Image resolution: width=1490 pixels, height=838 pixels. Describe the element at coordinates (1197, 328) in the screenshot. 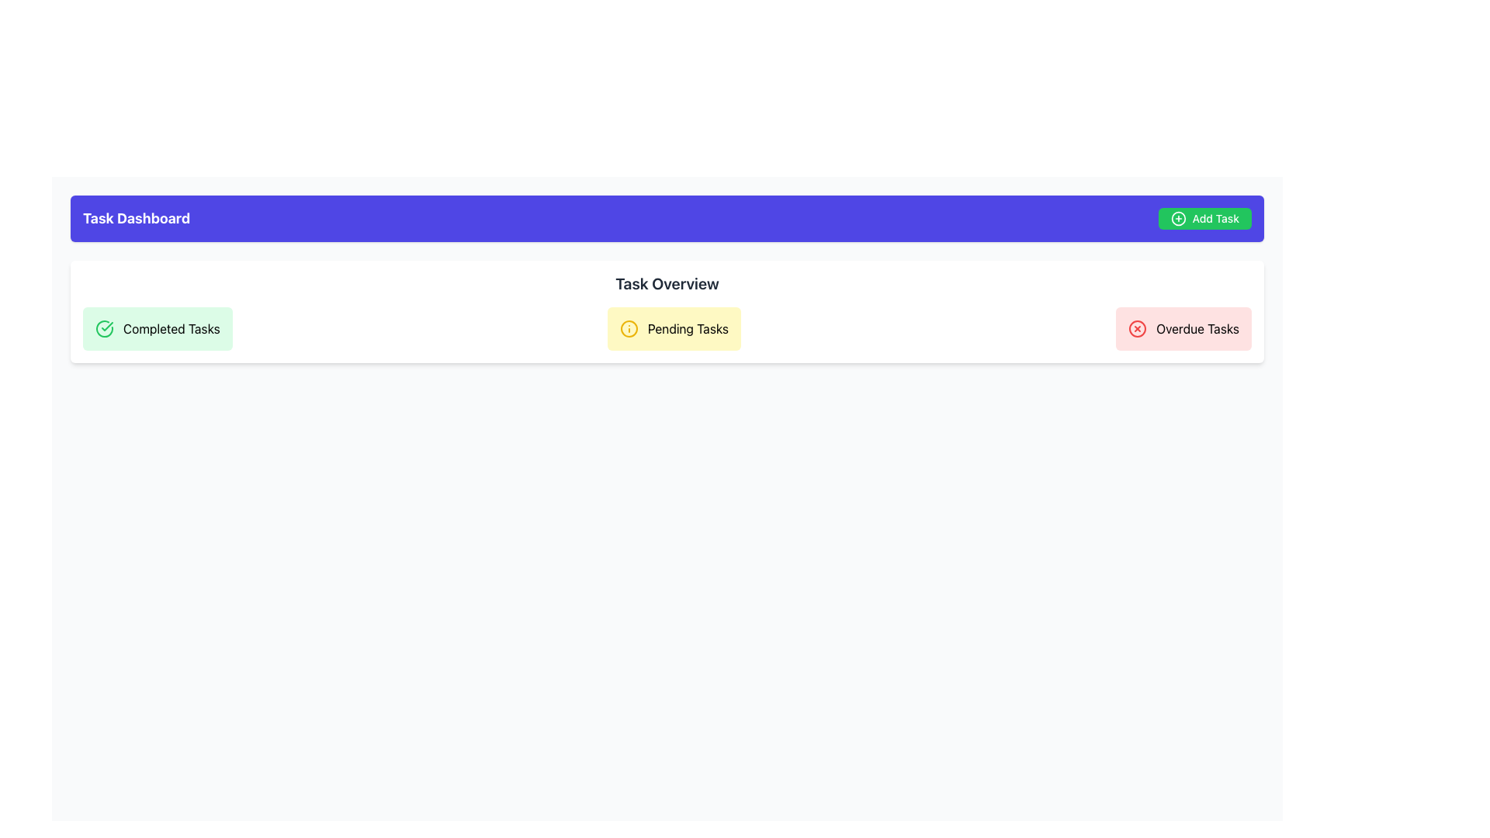

I see `the 'Overdue Tasks' Text Label` at that location.